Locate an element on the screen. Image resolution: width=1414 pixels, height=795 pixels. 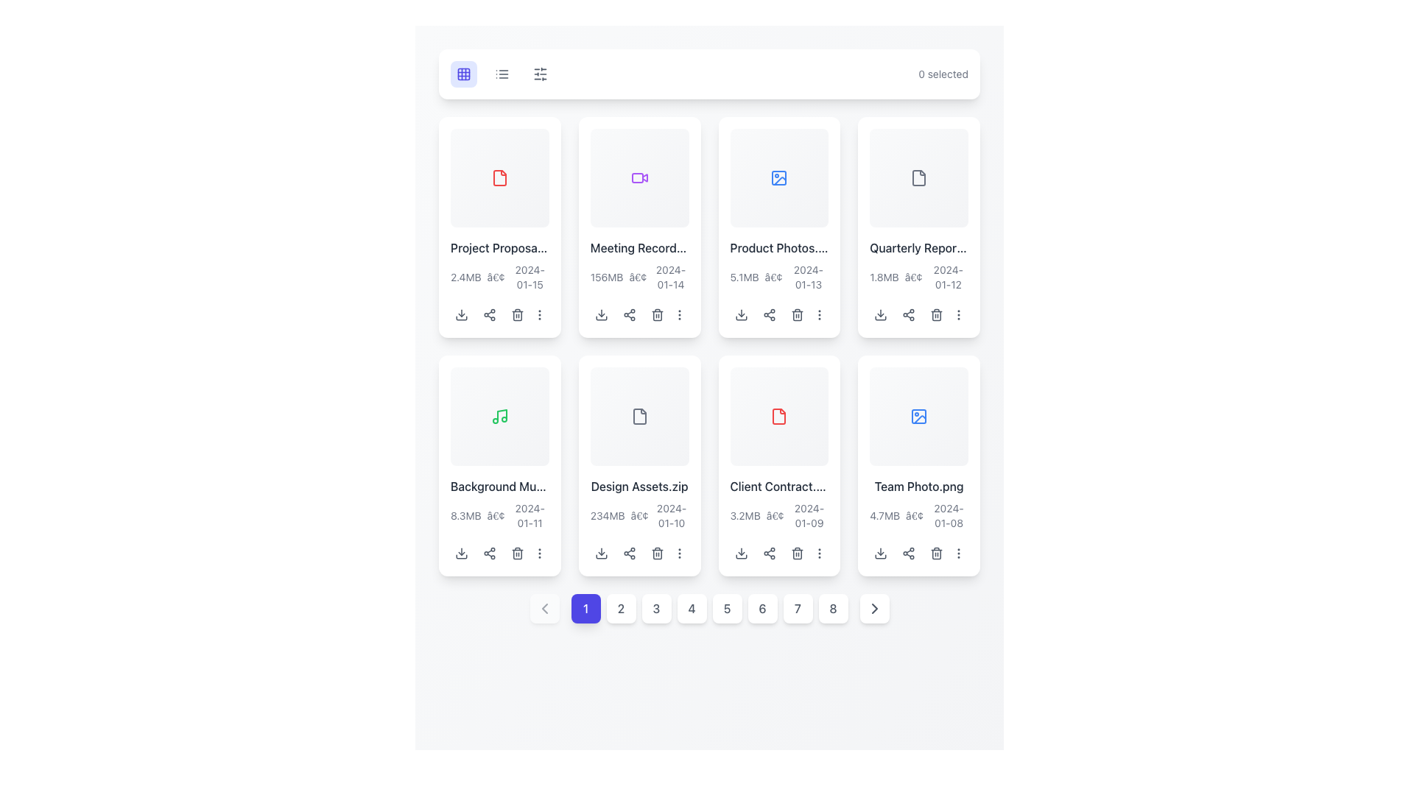
the minimalistic red document icon in the top row of file cards titled 'Project Proposal' is located at coordinates (499, 177).